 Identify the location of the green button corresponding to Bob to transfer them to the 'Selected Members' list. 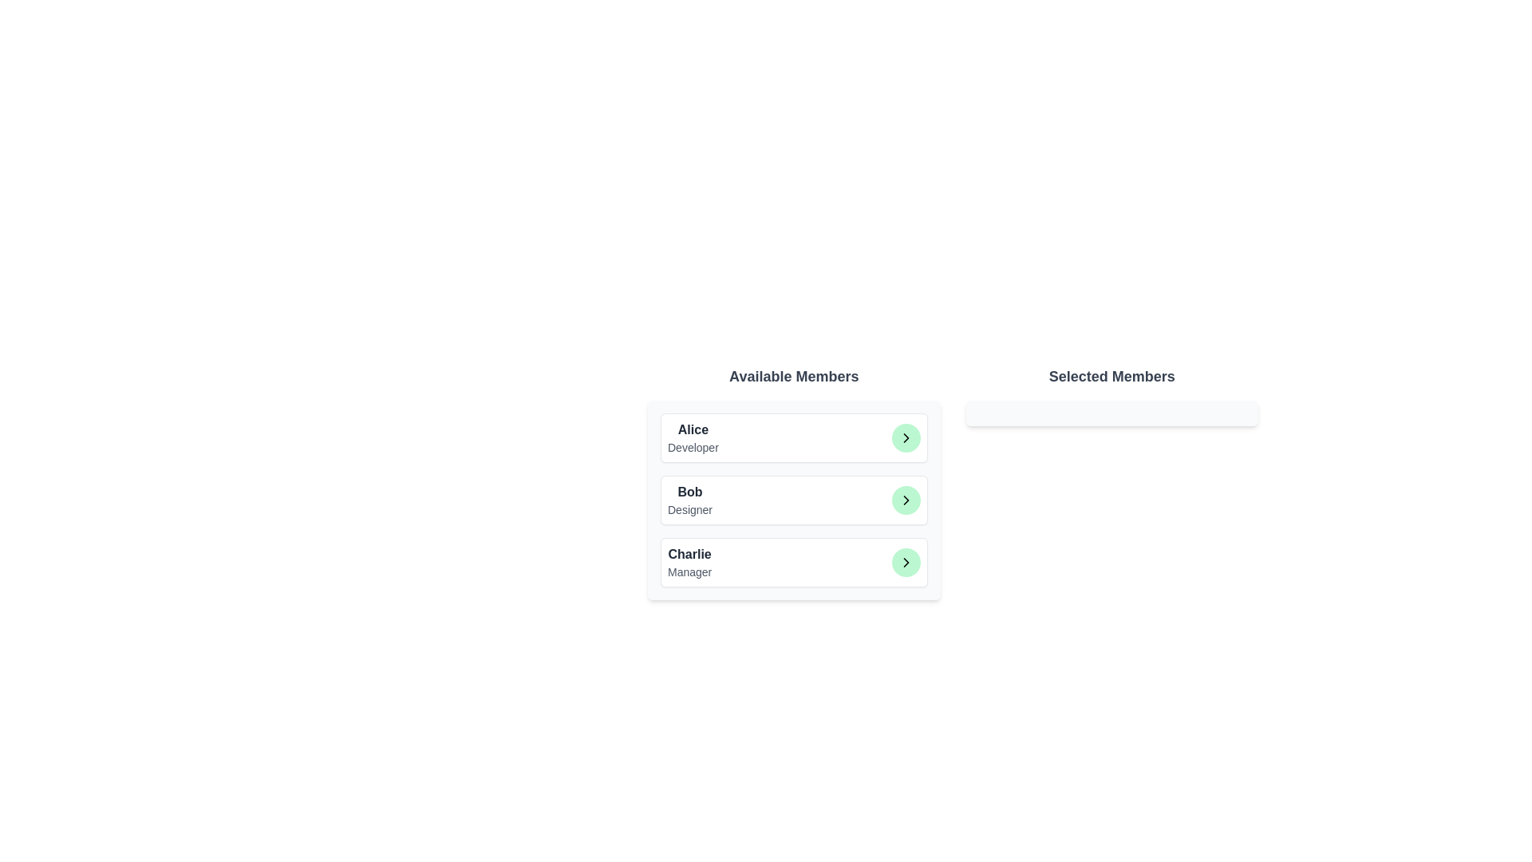
(906, 500).